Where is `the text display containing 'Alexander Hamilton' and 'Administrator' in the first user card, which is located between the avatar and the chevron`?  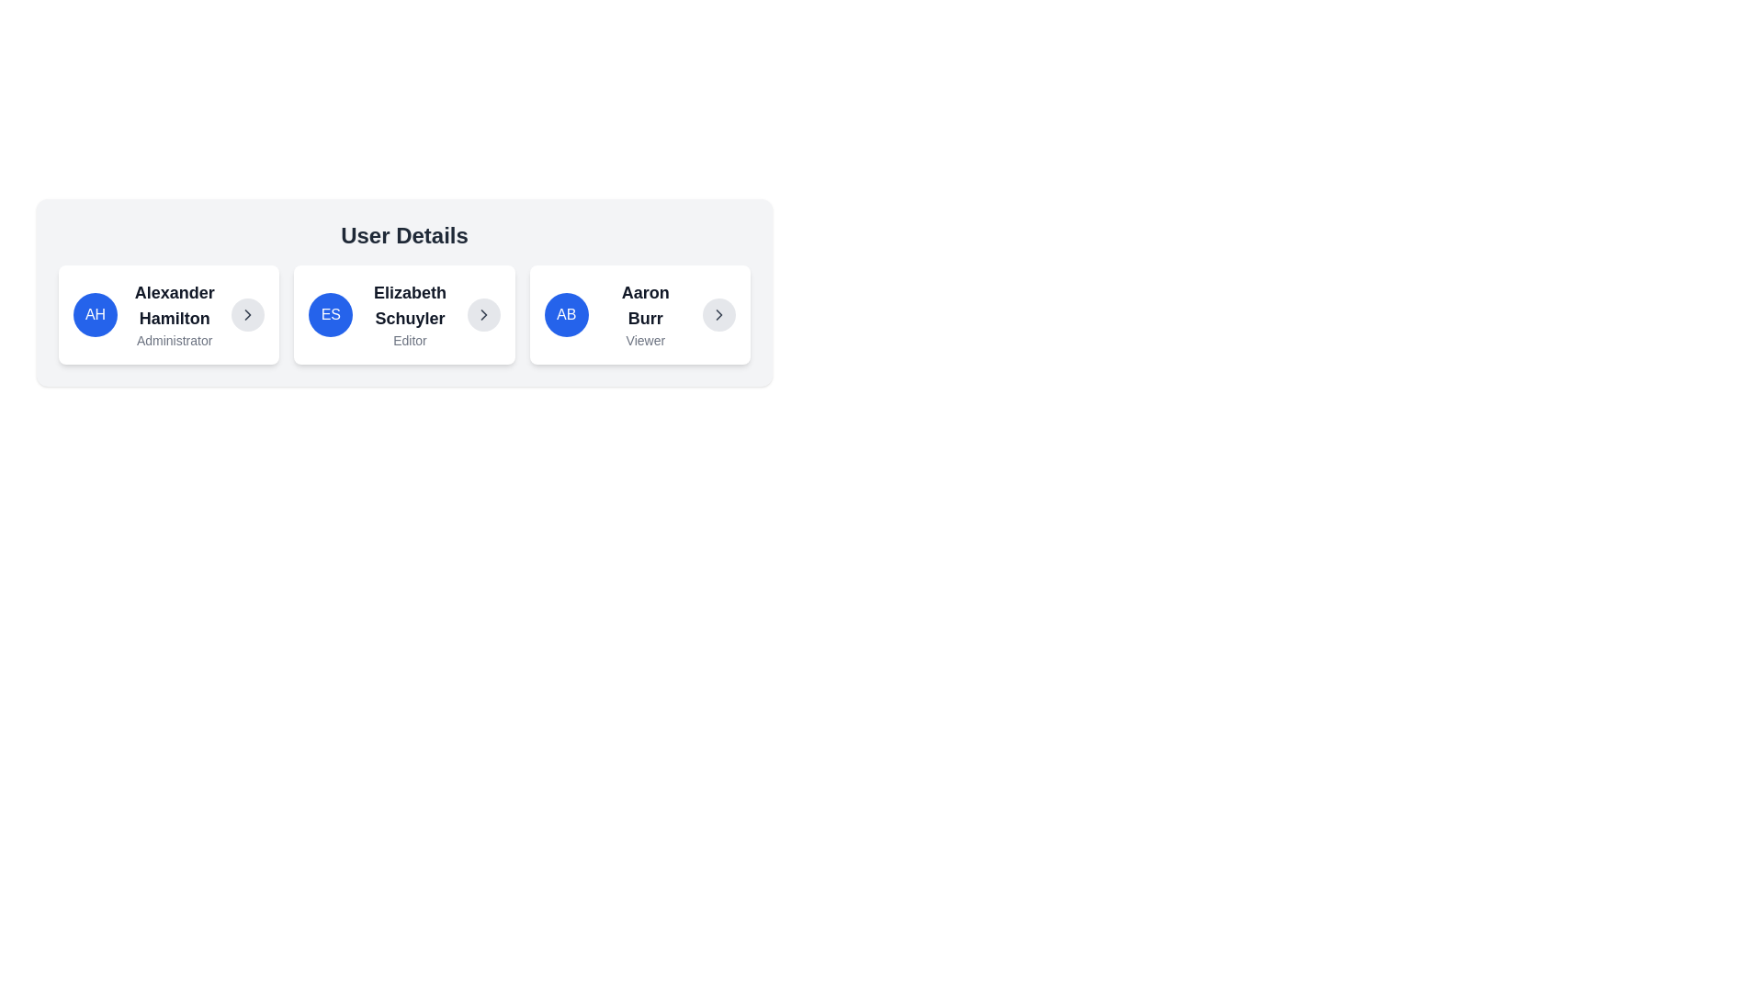
the text display containing 'Alexander Hamilton' and 'Administrator' in the first user card, which is located between the avatar and the chevron is located at coordinates (175, 314).